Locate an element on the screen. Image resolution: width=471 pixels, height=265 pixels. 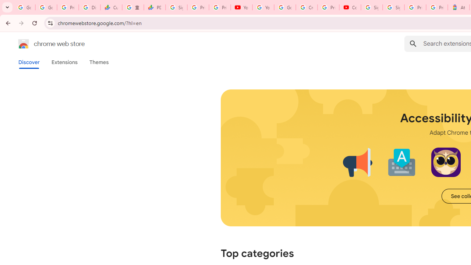
'Sign in - Google Accounts' is located at coordinates (393, 7).